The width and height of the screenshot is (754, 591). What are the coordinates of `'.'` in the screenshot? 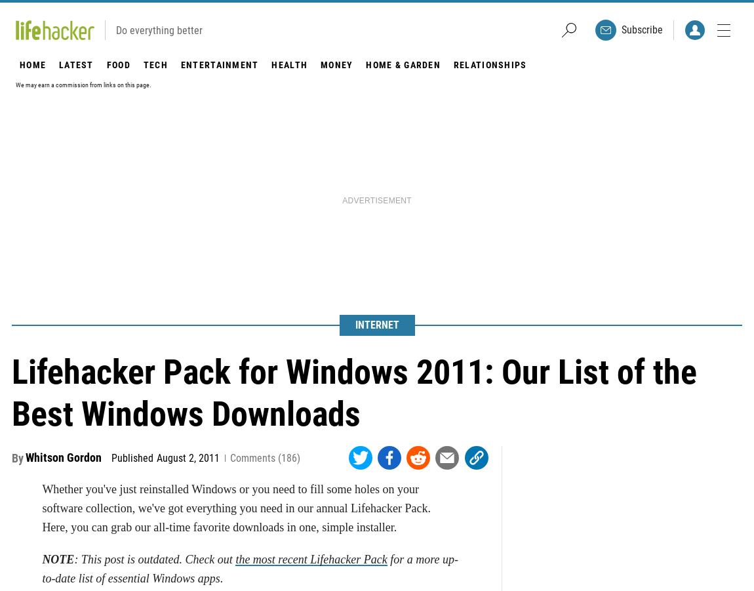 It's located at (153, 46).